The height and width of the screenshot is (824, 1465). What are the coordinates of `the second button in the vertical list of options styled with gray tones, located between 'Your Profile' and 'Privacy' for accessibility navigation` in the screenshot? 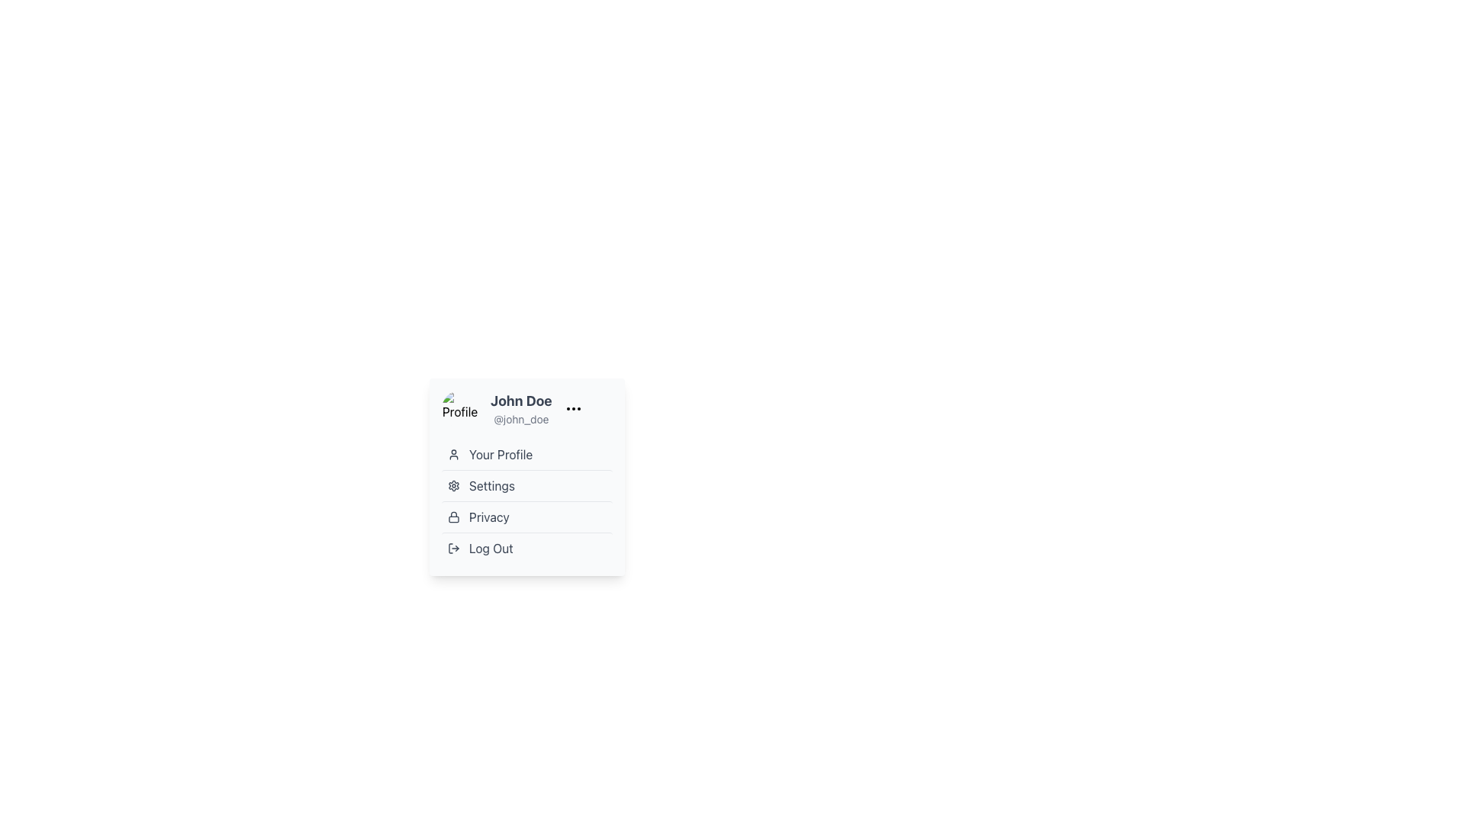 It's located at (527, 501).